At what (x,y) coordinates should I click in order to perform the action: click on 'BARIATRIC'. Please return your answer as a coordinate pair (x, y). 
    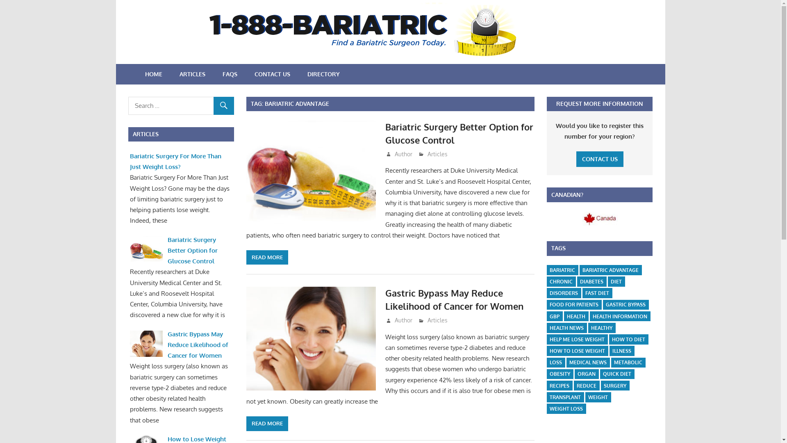
    Looking at the image, I should click on (562, 270).